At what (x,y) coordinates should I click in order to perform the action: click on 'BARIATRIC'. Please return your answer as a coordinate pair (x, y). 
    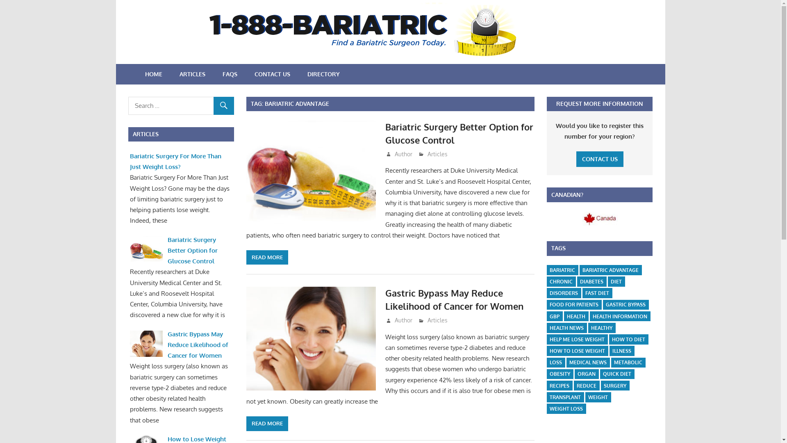
    Looking at the image, I should click on (562, 270).